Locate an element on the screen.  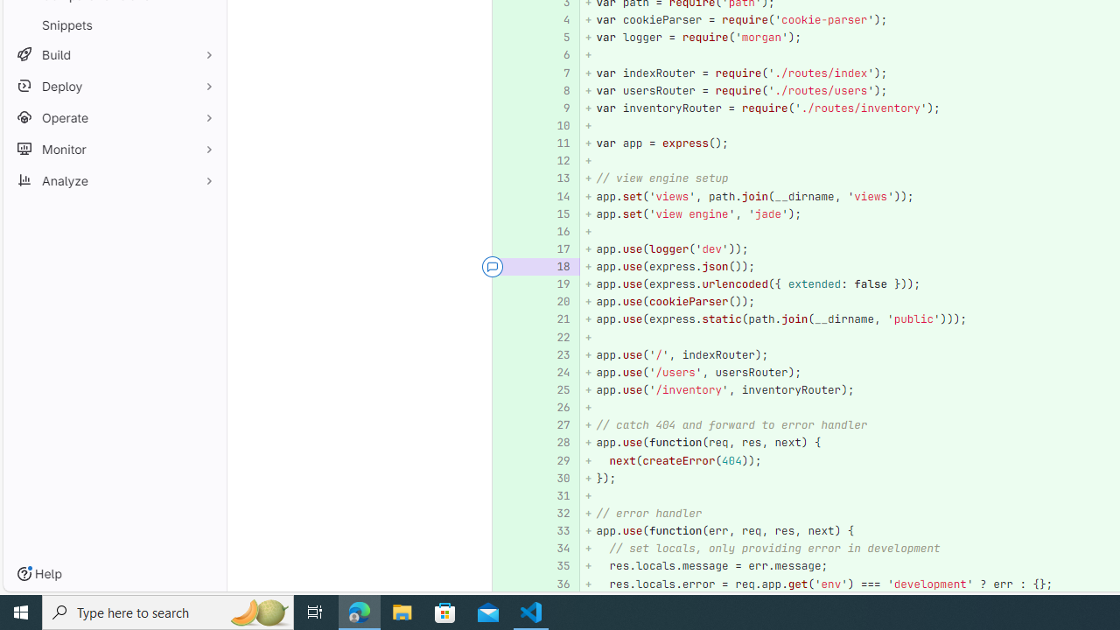
'10' is located at coordinates (554, 125).